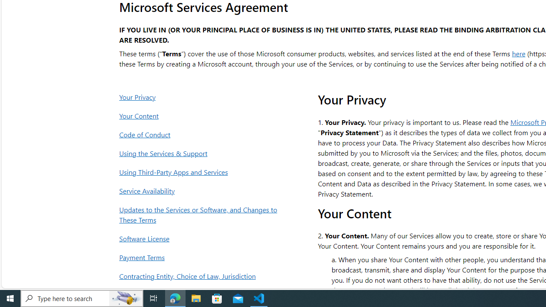  Describe the element at coordinates (518, 53) in the screenshot. I see `'here'` at that location.